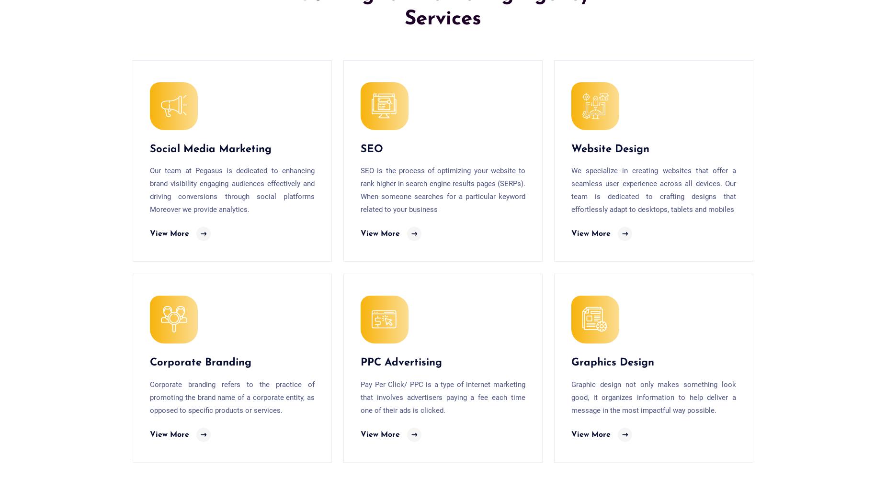  I want to click on 'Jaipur |', so click(695, 193).